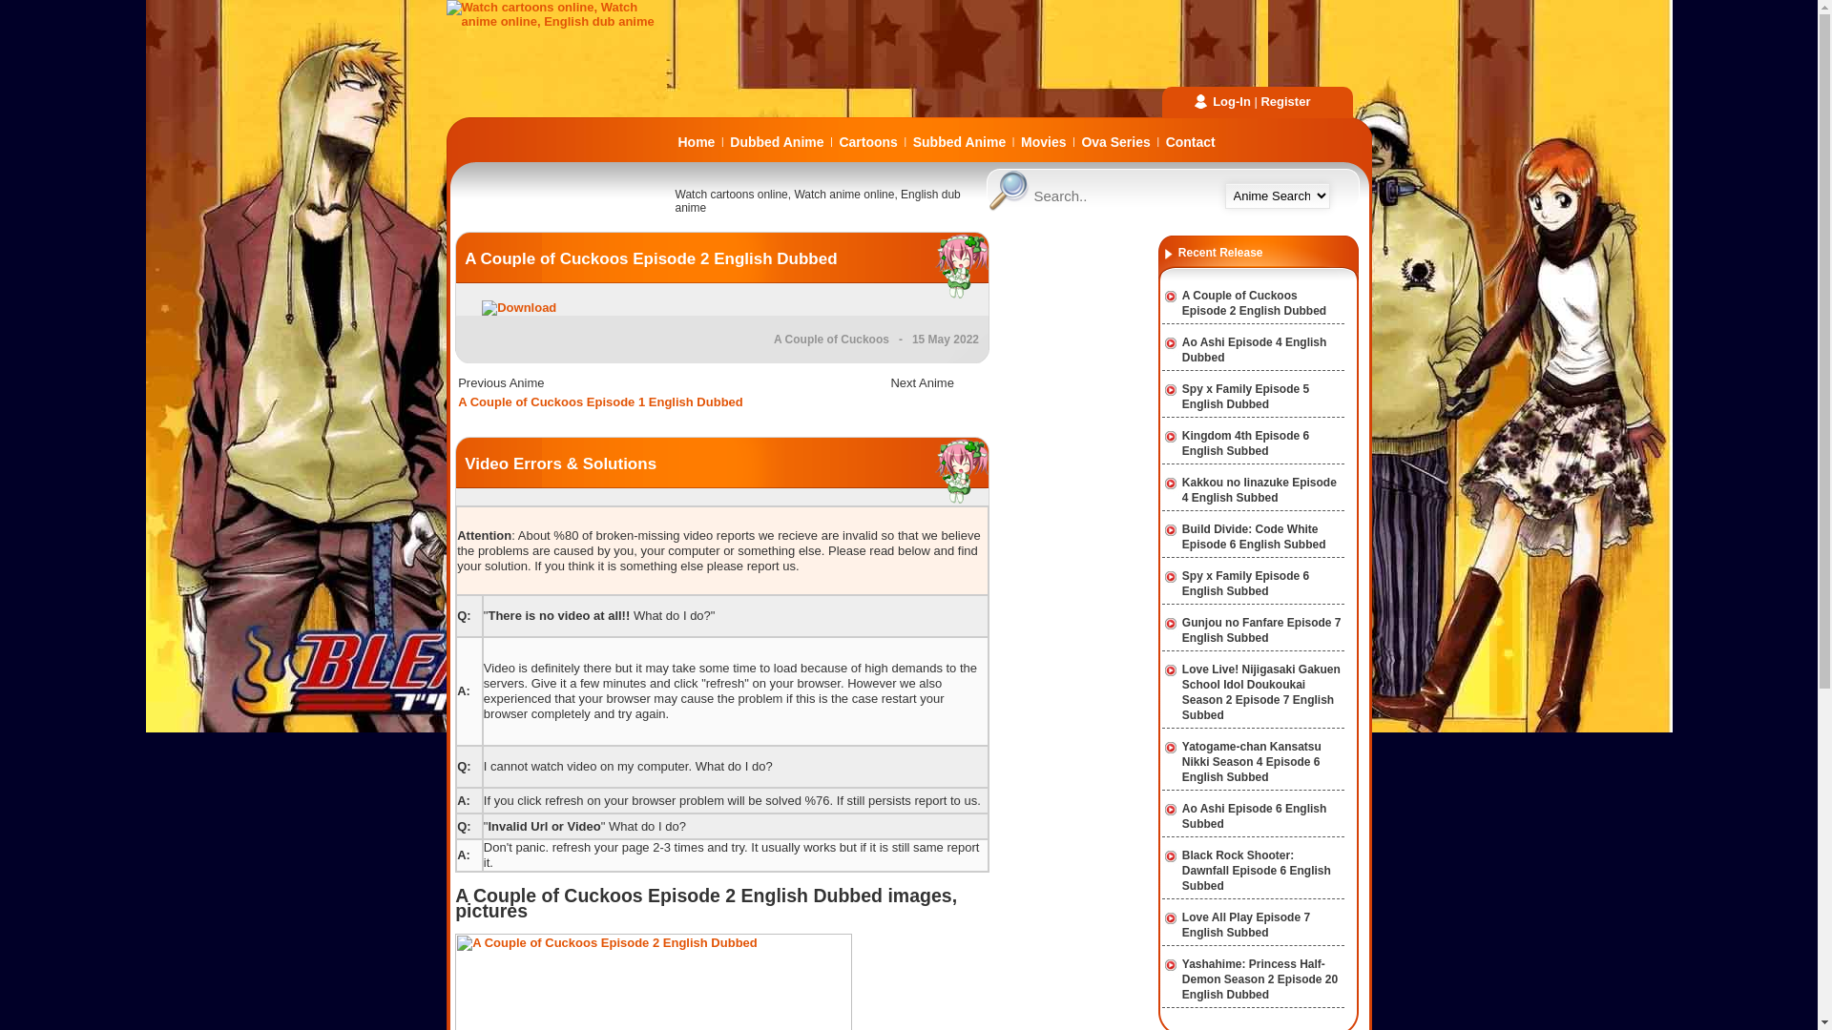  I want to click on 'Kingdom 4th Episode 6 English Subbed', so click(1245, 443).